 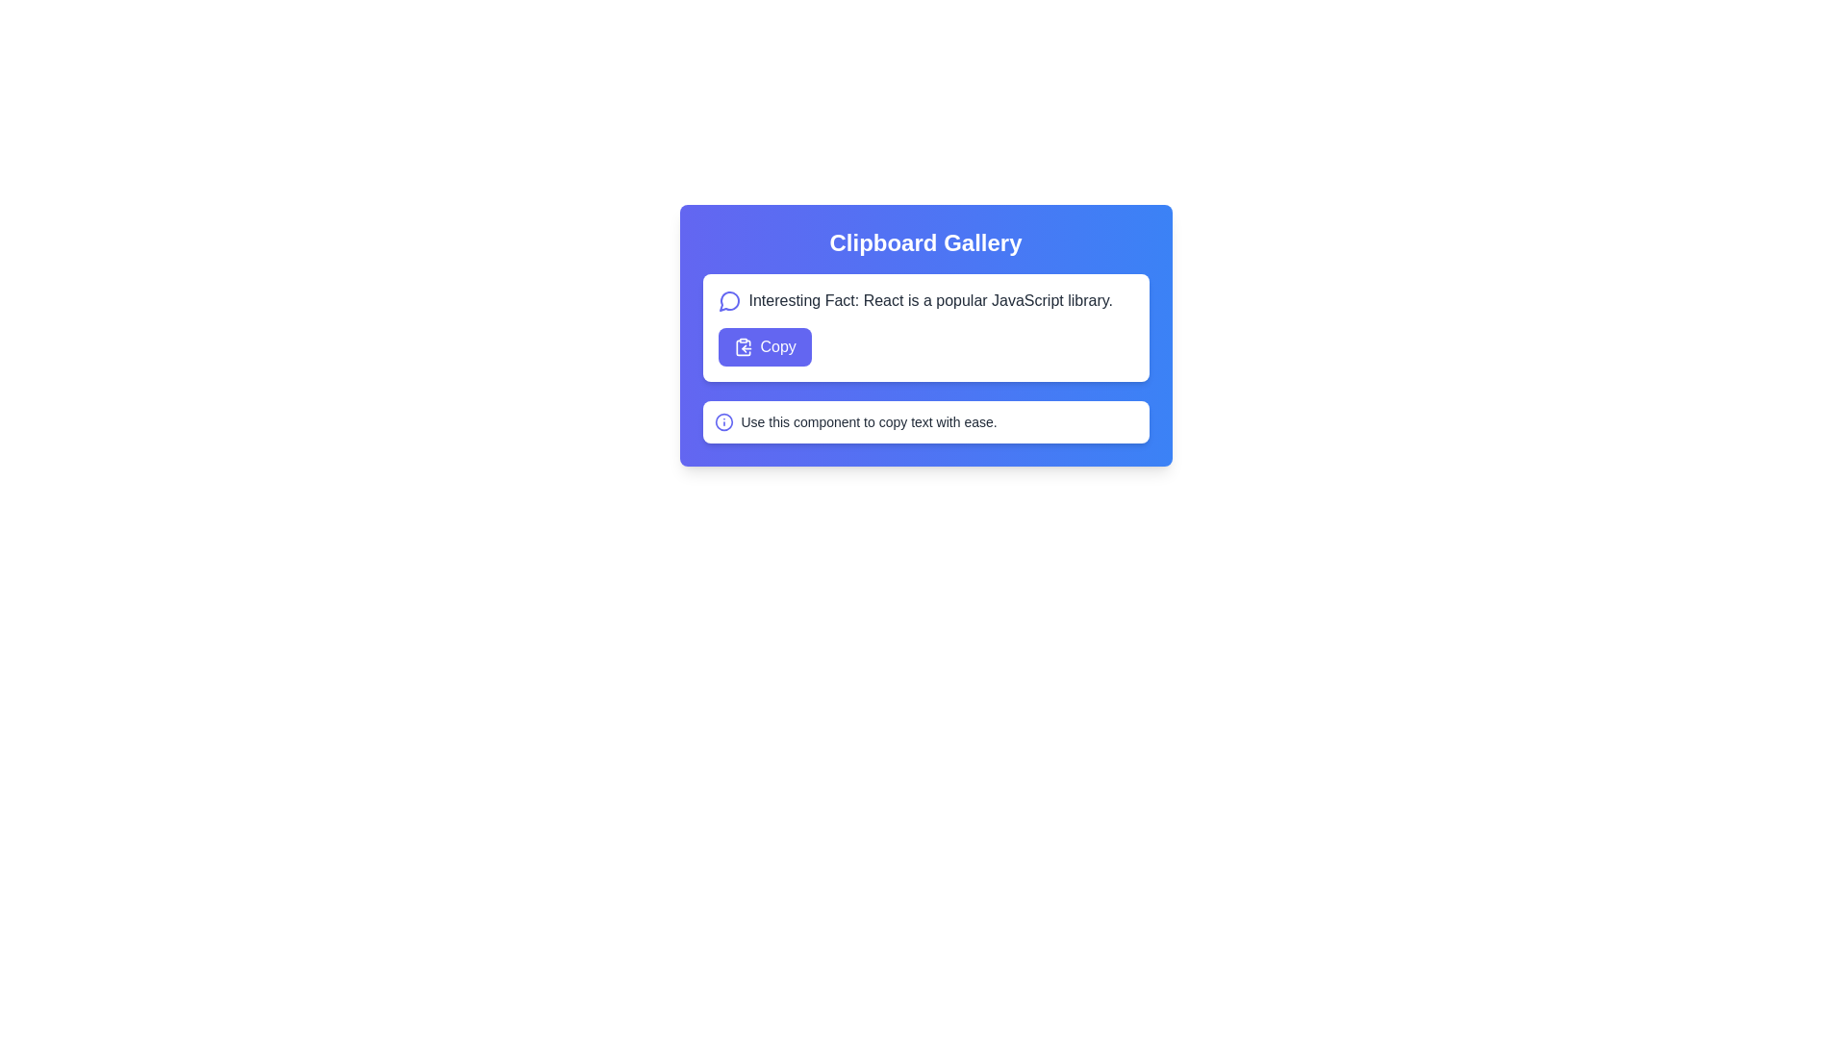 What do you see at coordinates (742, 347) in the screenshot?
I see `the function of the clipboard icon next to the 'Copy' text label, which is part of the 'Copy' button` at bounding box center [742, 347].